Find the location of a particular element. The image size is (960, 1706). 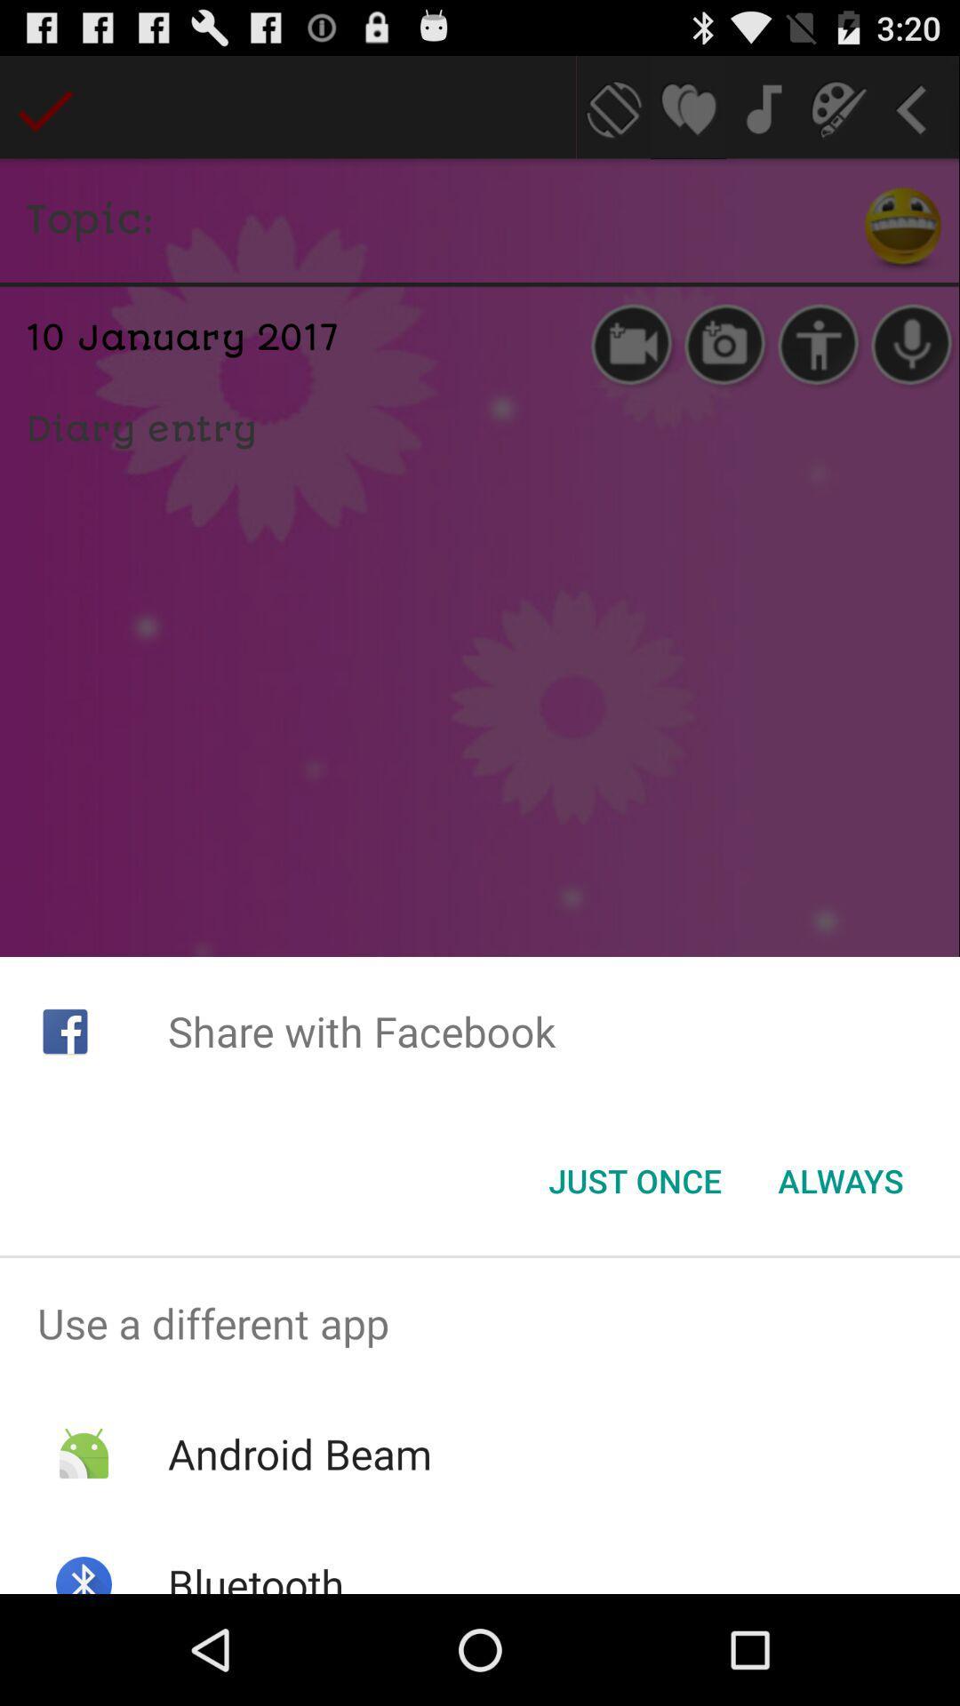

bluetooth item is located at coordinates (256, 1574).